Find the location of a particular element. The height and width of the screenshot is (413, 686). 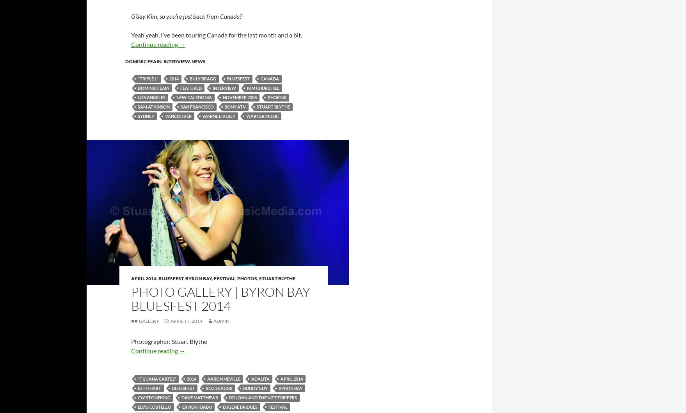

'Sydney' is located at coordinates (146, 115).